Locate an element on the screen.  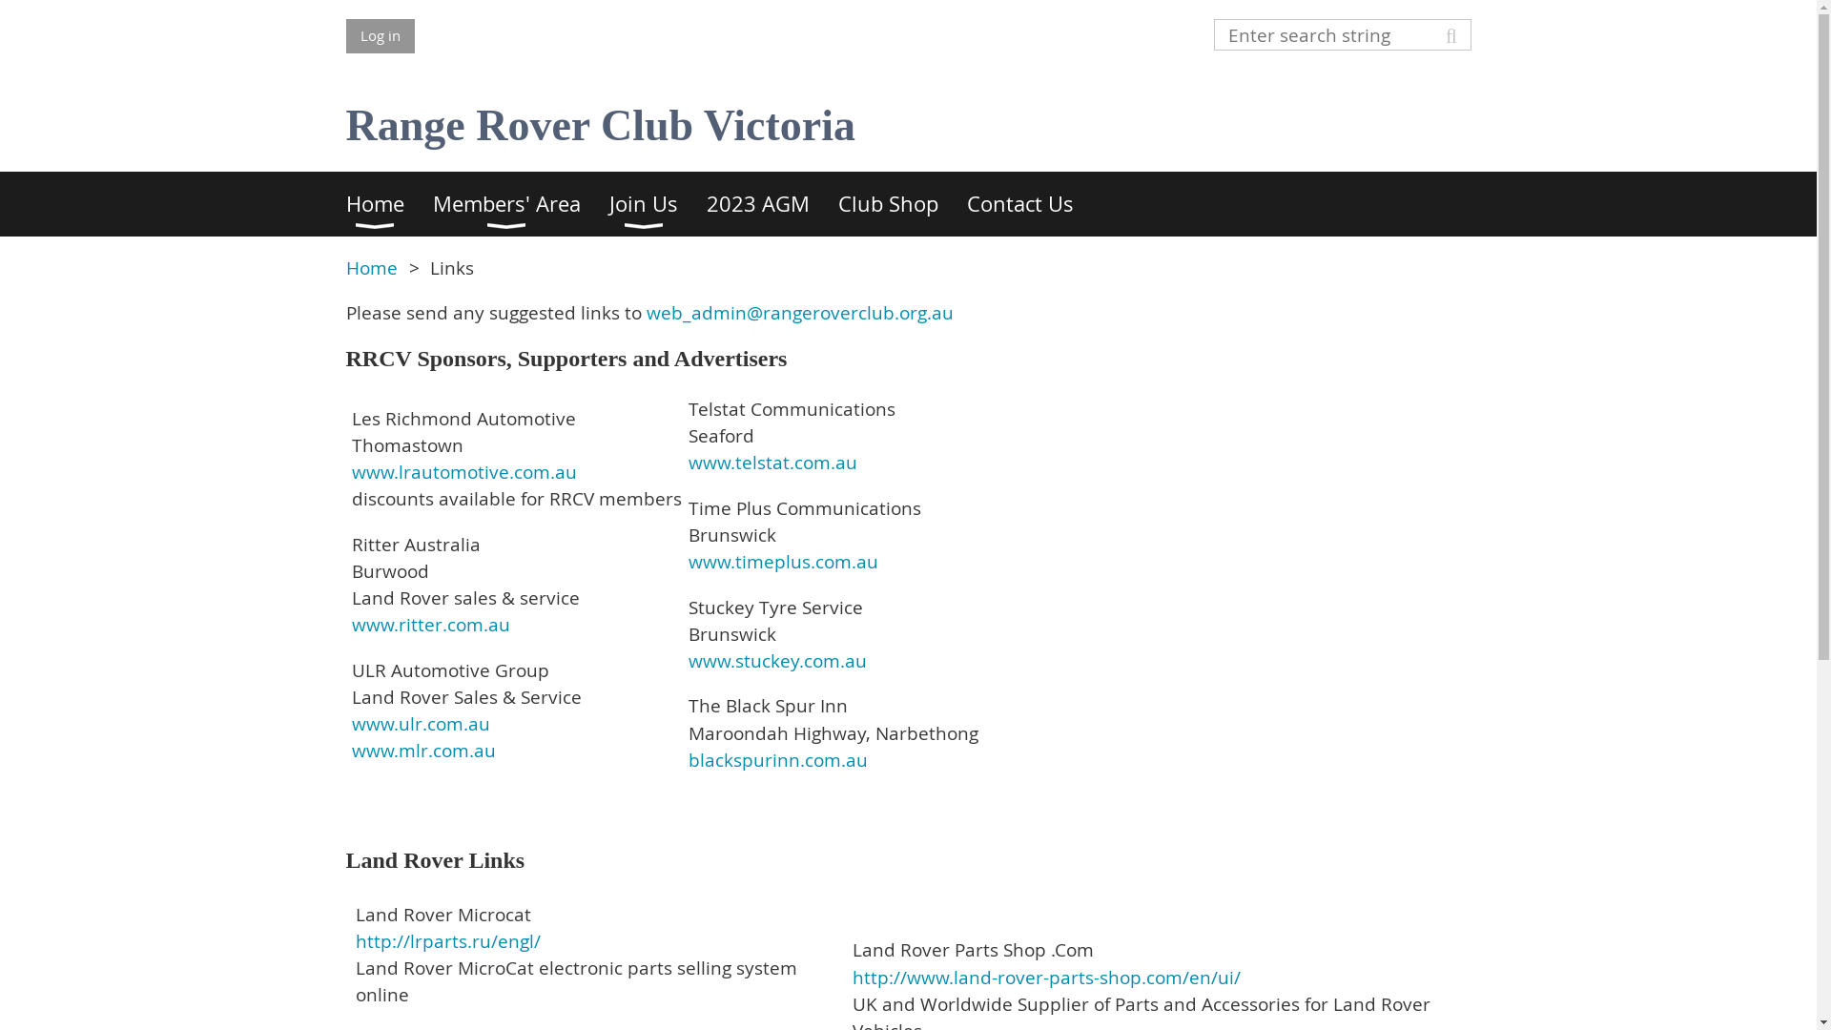
'www.stuckey.com.au' is located at coordinates (777, 660).